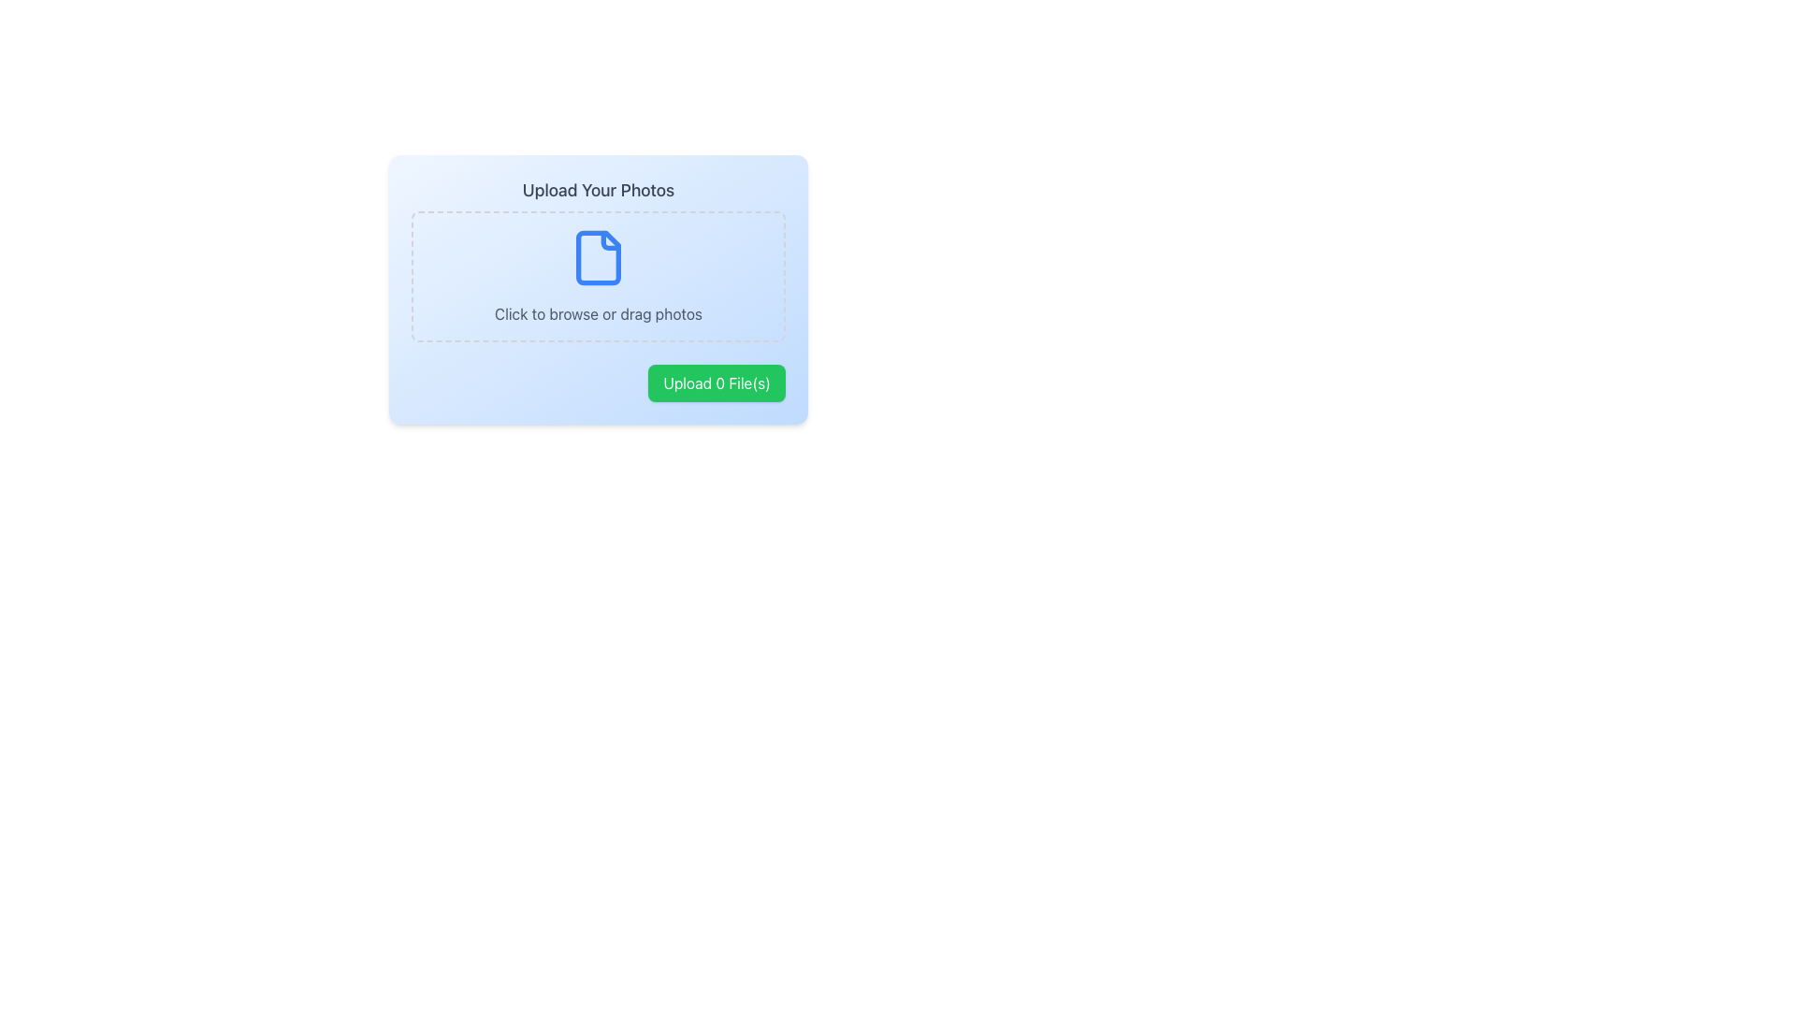  Describe the element at coordinates (597, 277) in the screenshot. I see `the instructional text with an icon for file upload` at that location.